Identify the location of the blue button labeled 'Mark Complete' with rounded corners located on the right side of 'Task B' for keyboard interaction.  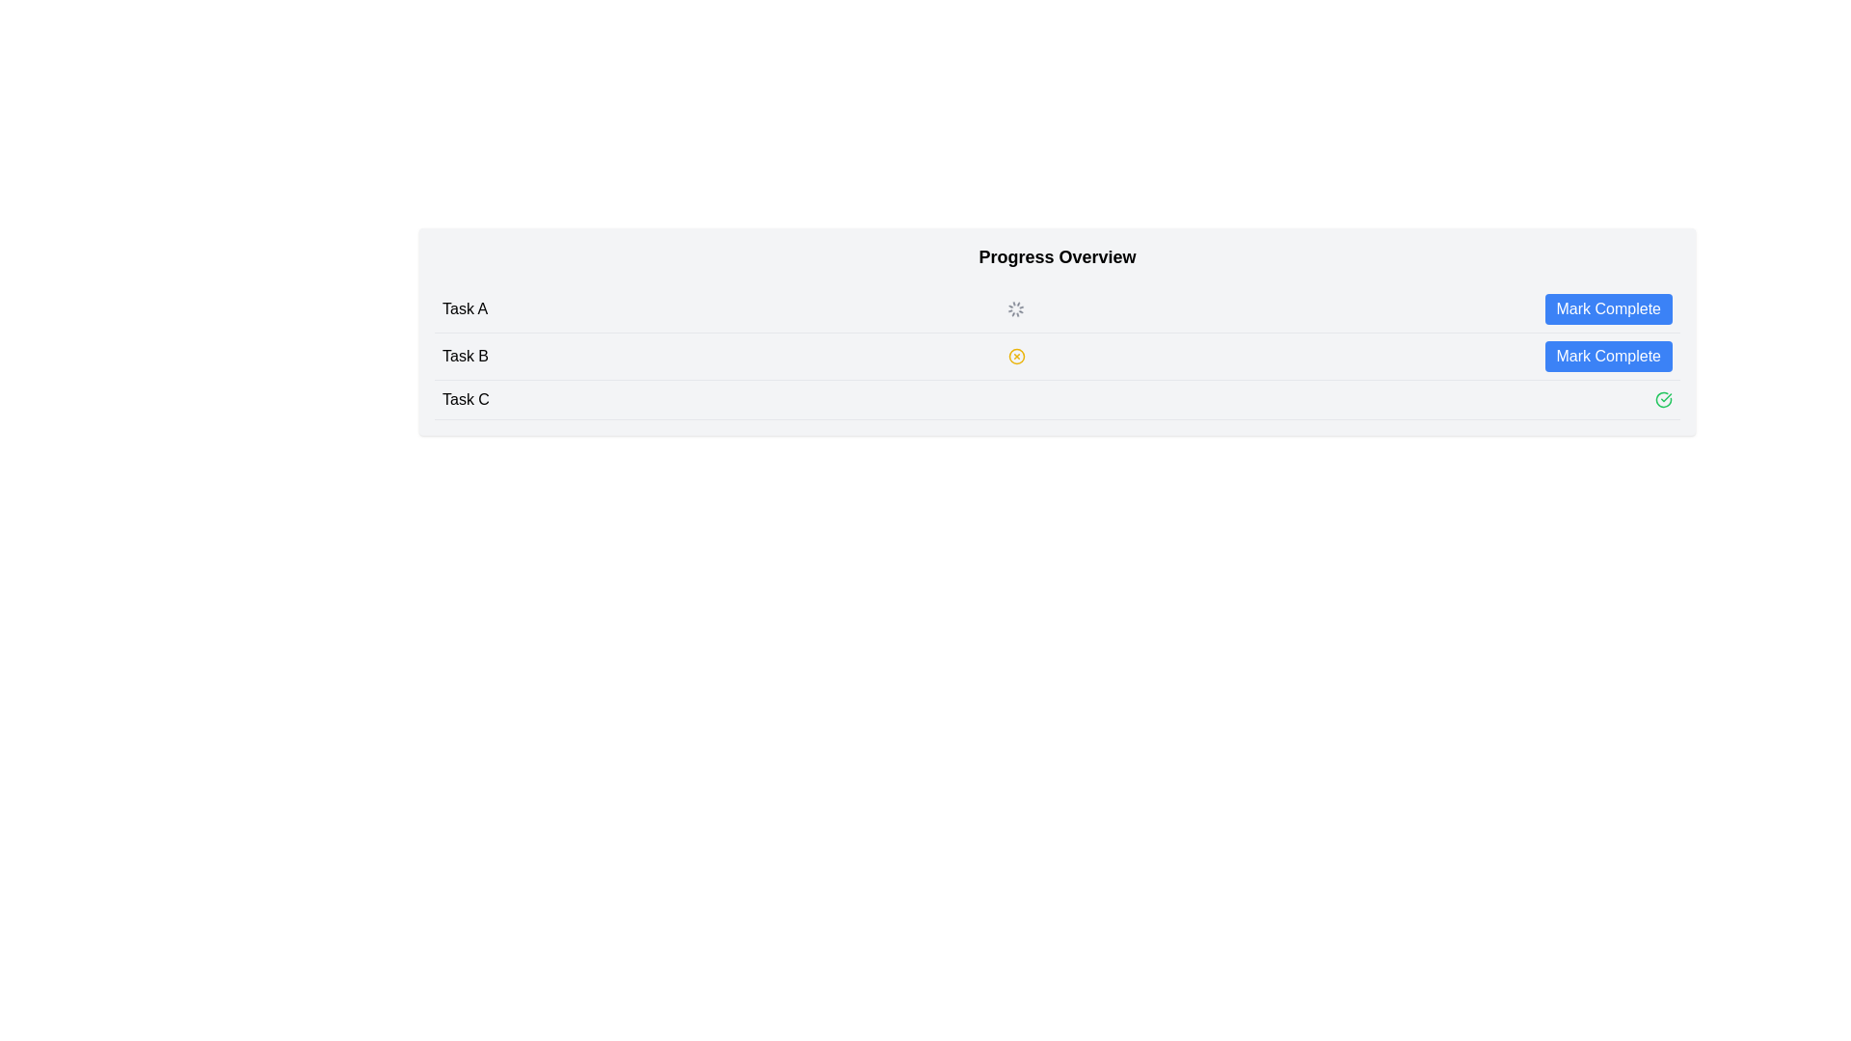
(1608, 357).